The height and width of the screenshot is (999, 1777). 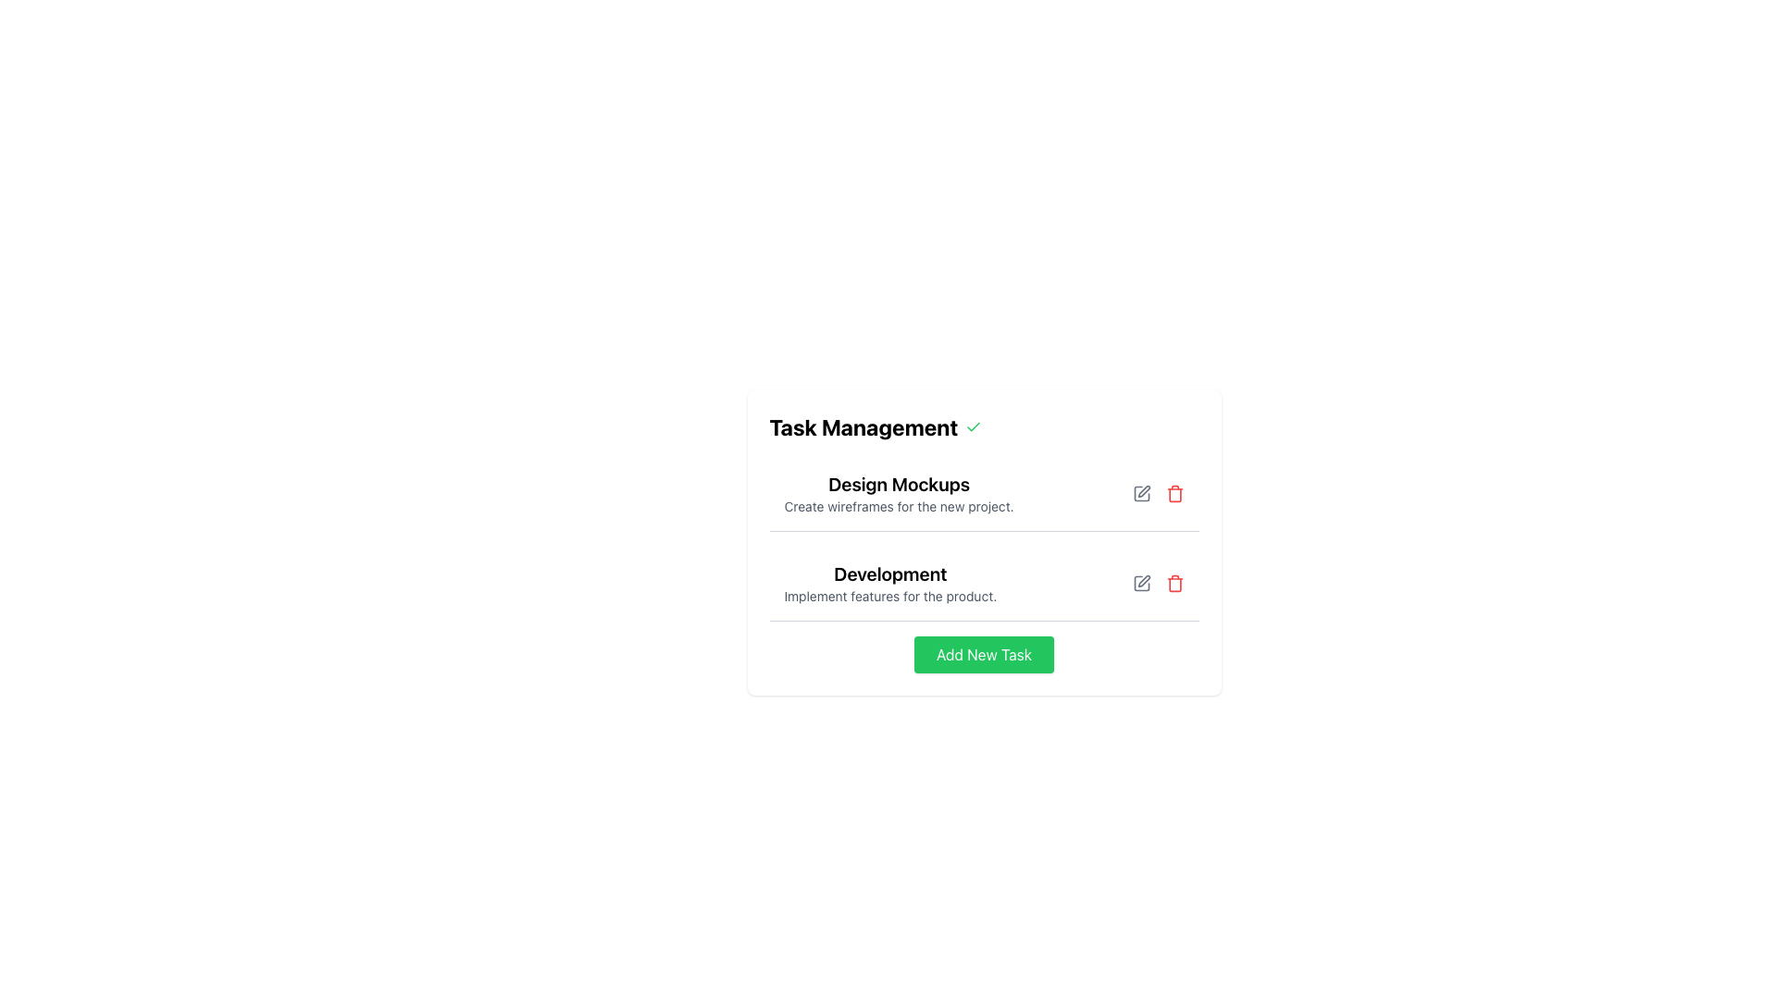 What do you see at coordinates (899, 492) in the screenshot?
I see `the title of the first task entry in the task management interface` at bounding box center [899, 492].